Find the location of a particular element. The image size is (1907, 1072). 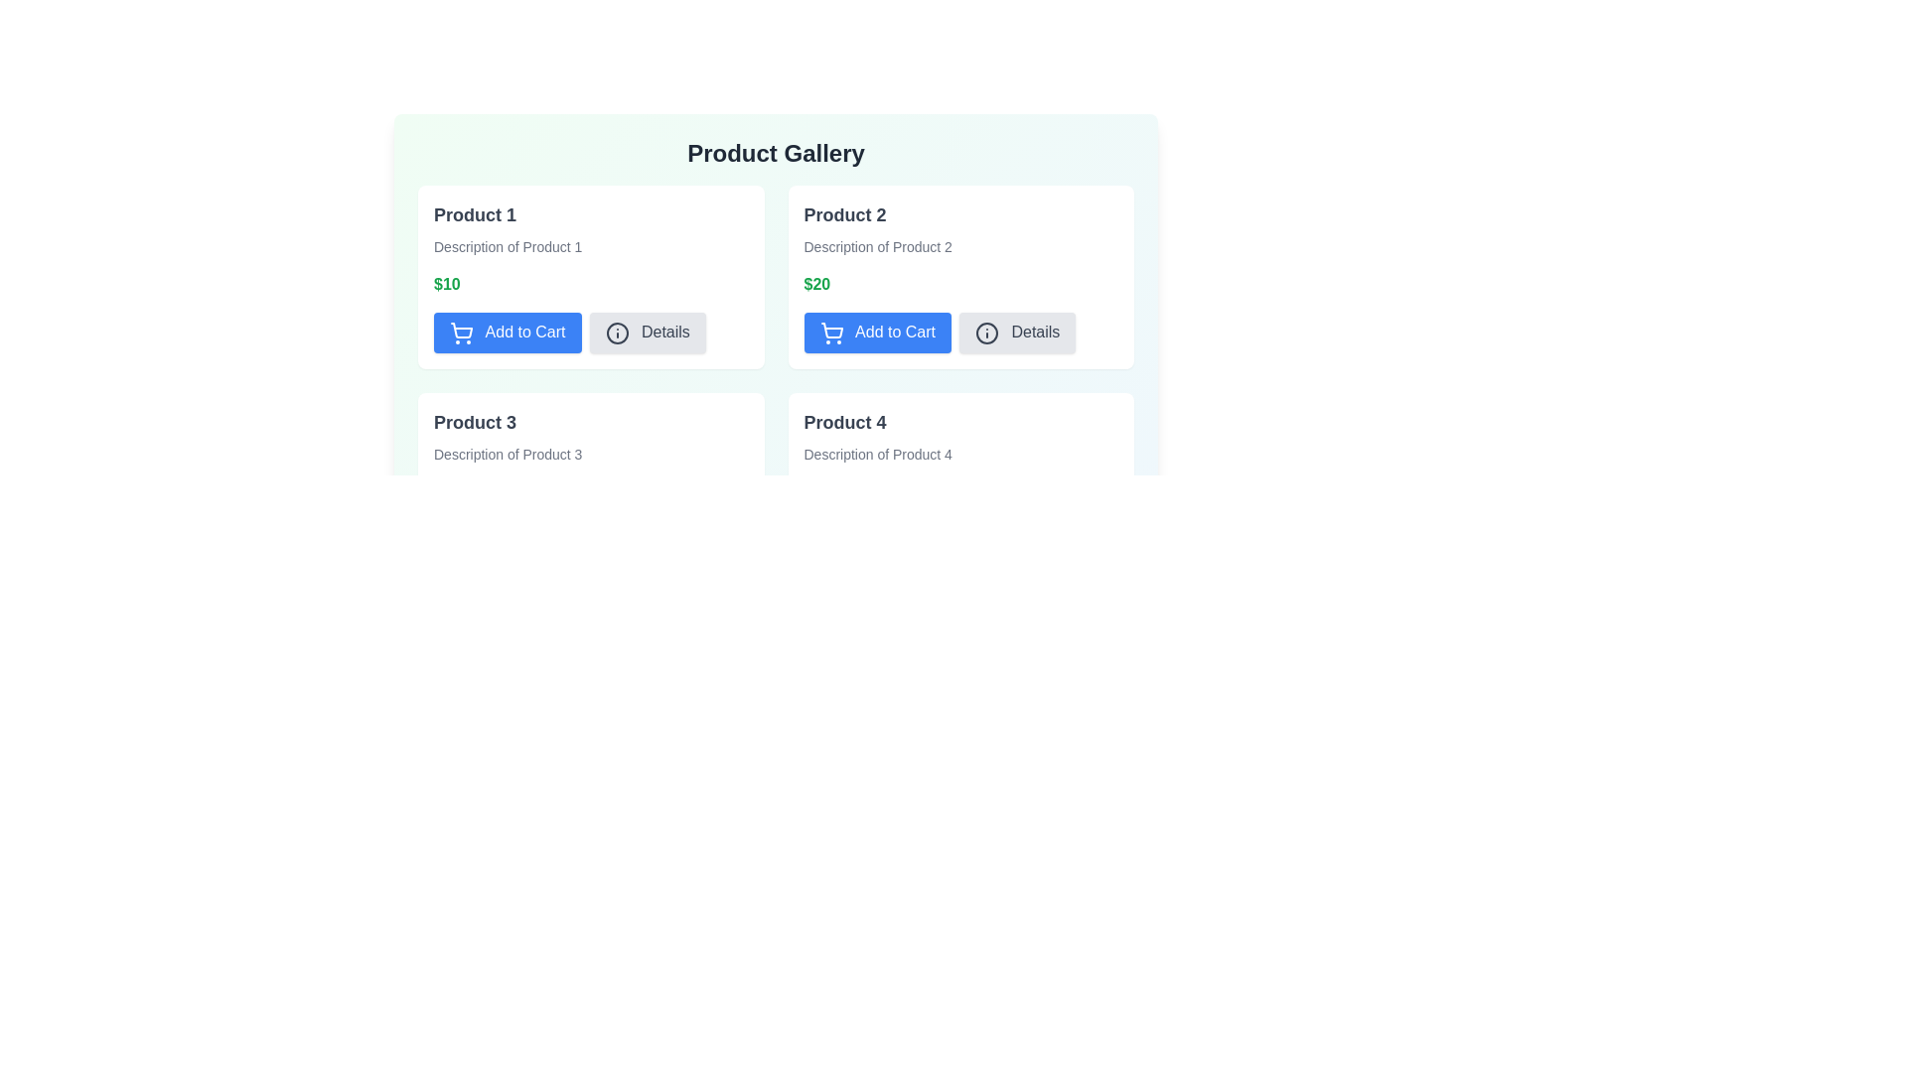

the shopping cart icon located within the 'Add to Cart' button for 'Product 2' in the product grid layout is located at coordinates (461, 329).